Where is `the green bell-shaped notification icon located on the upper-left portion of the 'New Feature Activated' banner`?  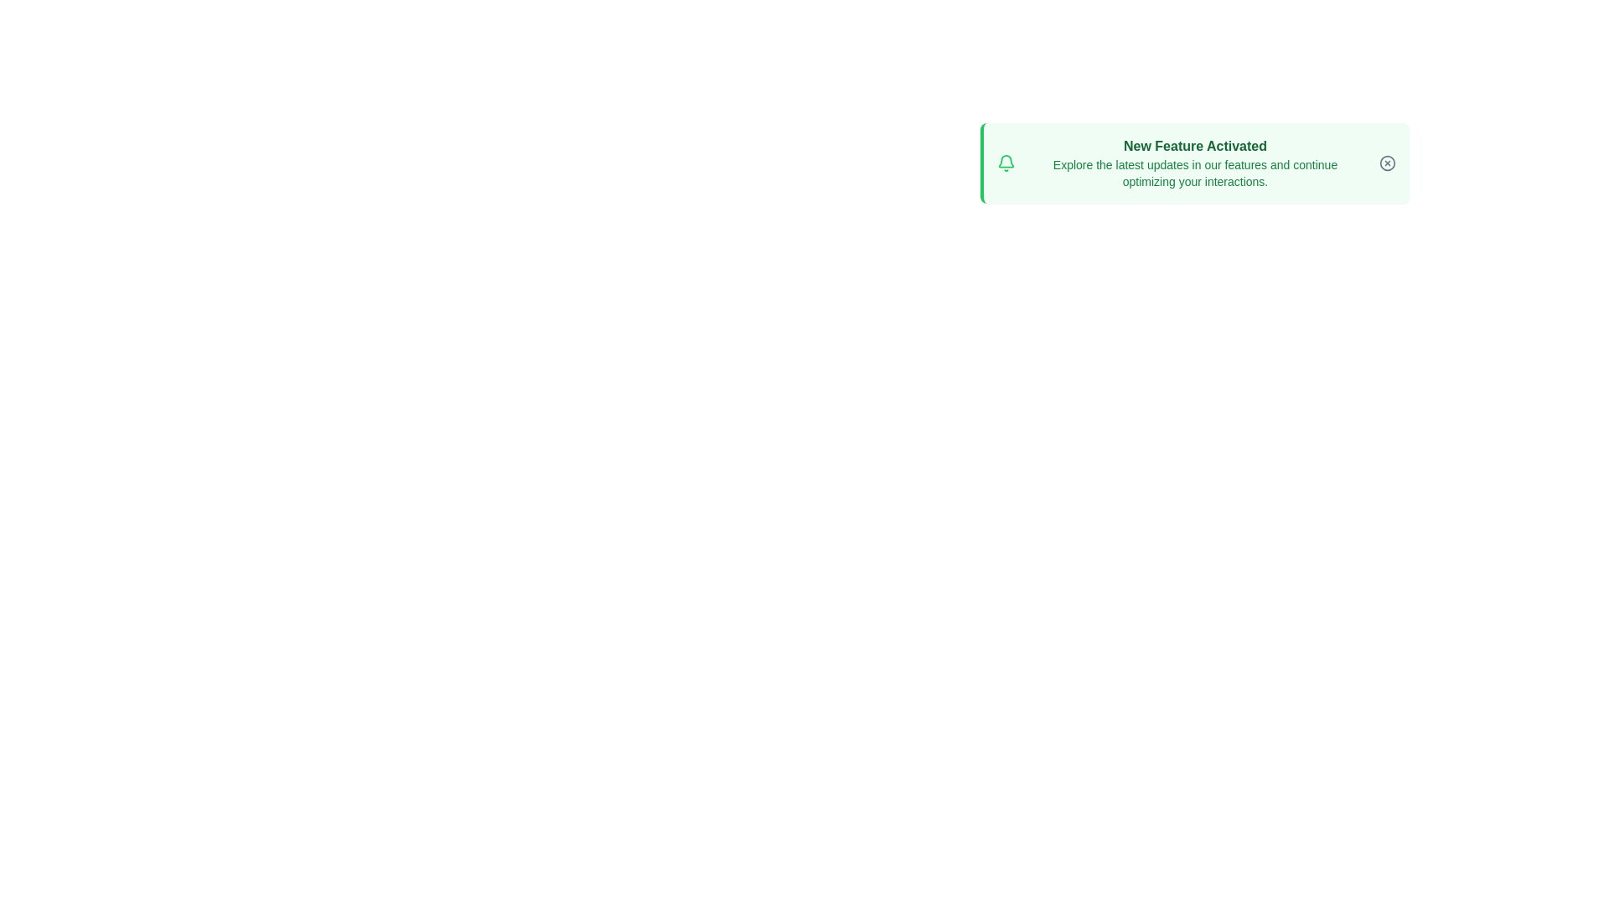 the green bell-shaped notification icon located on the upper-left portion of the 'New Feature Activated' banner is located at coordinates (1006, 161).